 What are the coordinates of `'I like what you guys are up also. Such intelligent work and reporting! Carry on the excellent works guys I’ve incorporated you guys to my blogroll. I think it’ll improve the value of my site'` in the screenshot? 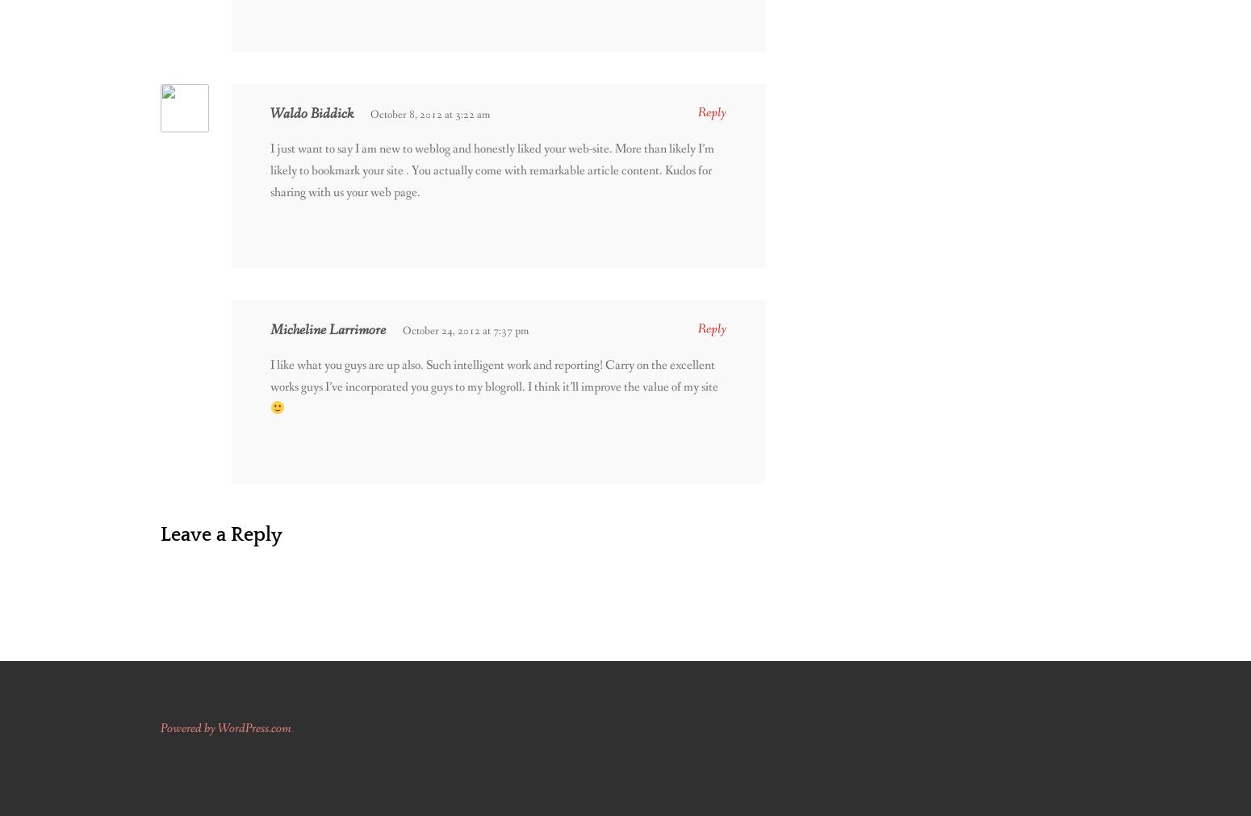 It's located at (494, 374).